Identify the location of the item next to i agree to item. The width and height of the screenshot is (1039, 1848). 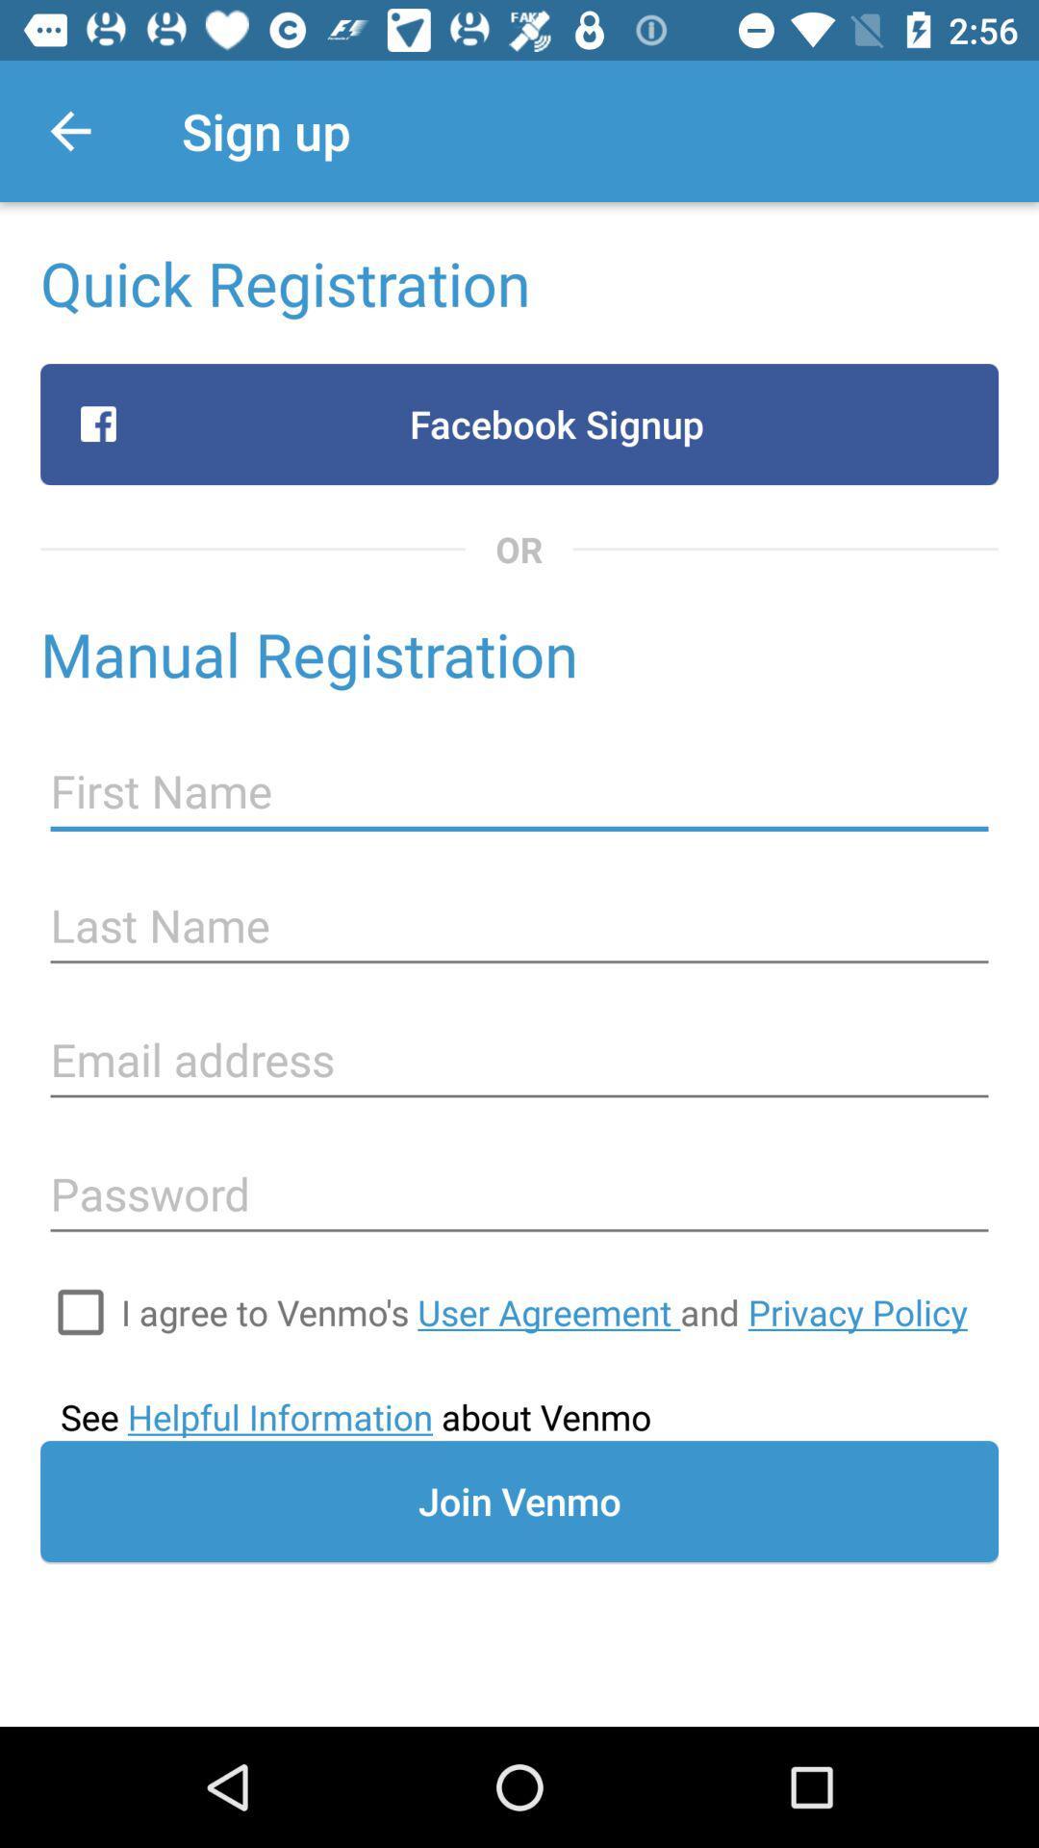
(80, 1311).